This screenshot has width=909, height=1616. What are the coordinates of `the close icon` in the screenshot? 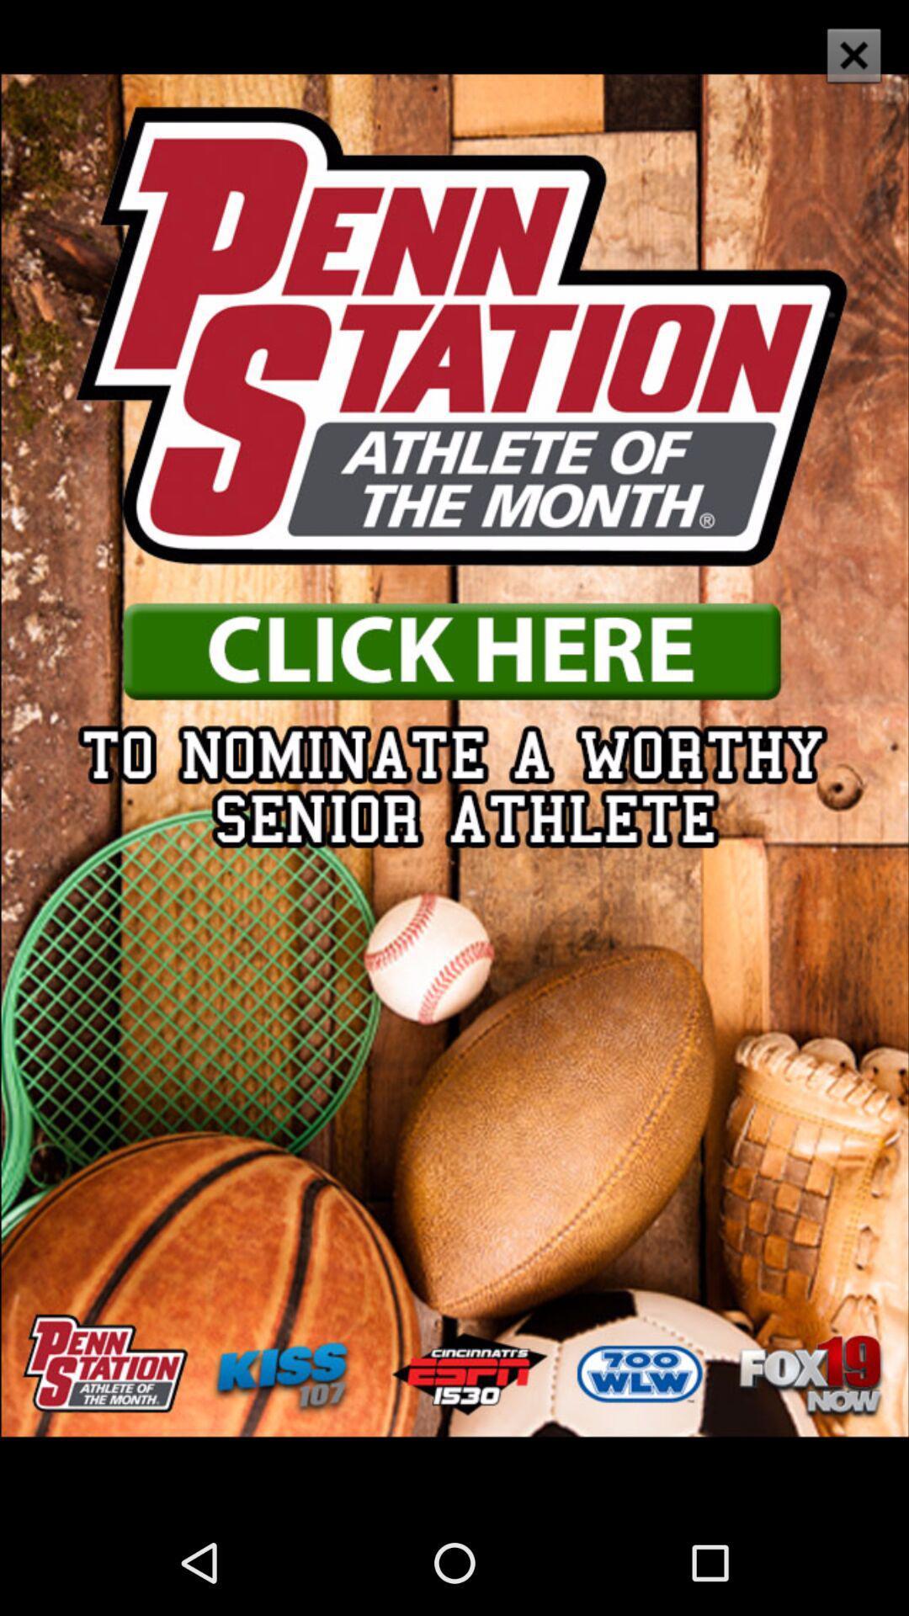 It's located at (853, 59).